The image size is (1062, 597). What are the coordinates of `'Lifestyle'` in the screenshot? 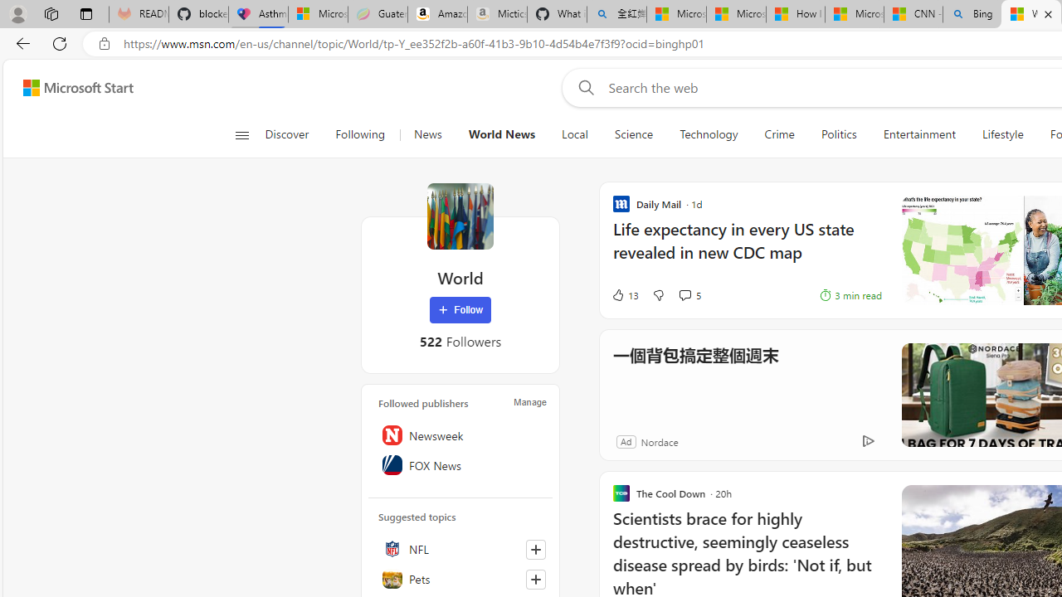 It's located at (1001, 134).